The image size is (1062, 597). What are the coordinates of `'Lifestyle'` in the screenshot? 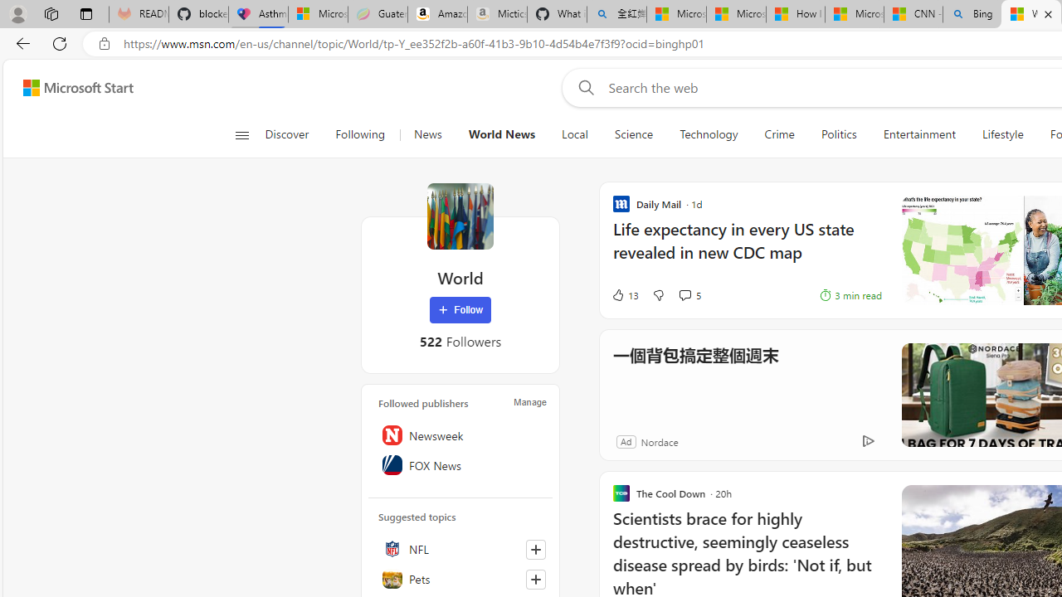 It's located at (1001, 134).